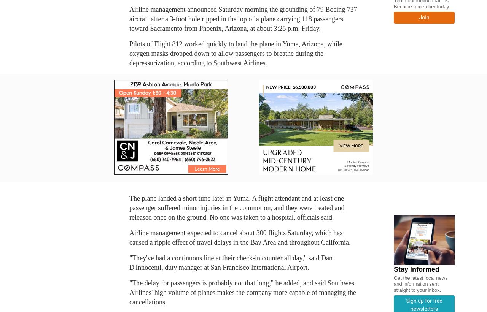 Image resolution: width=487 pixels, height=312 pixels. What do you see at coordinates (242, 292) in the screenshot?
I see `'"The delay for passengers is probably not that long," he added, and said Southwest Airlines' high volume of planes makes the company more capable of managing the cancellations.'` at bounding box center [242, 292].